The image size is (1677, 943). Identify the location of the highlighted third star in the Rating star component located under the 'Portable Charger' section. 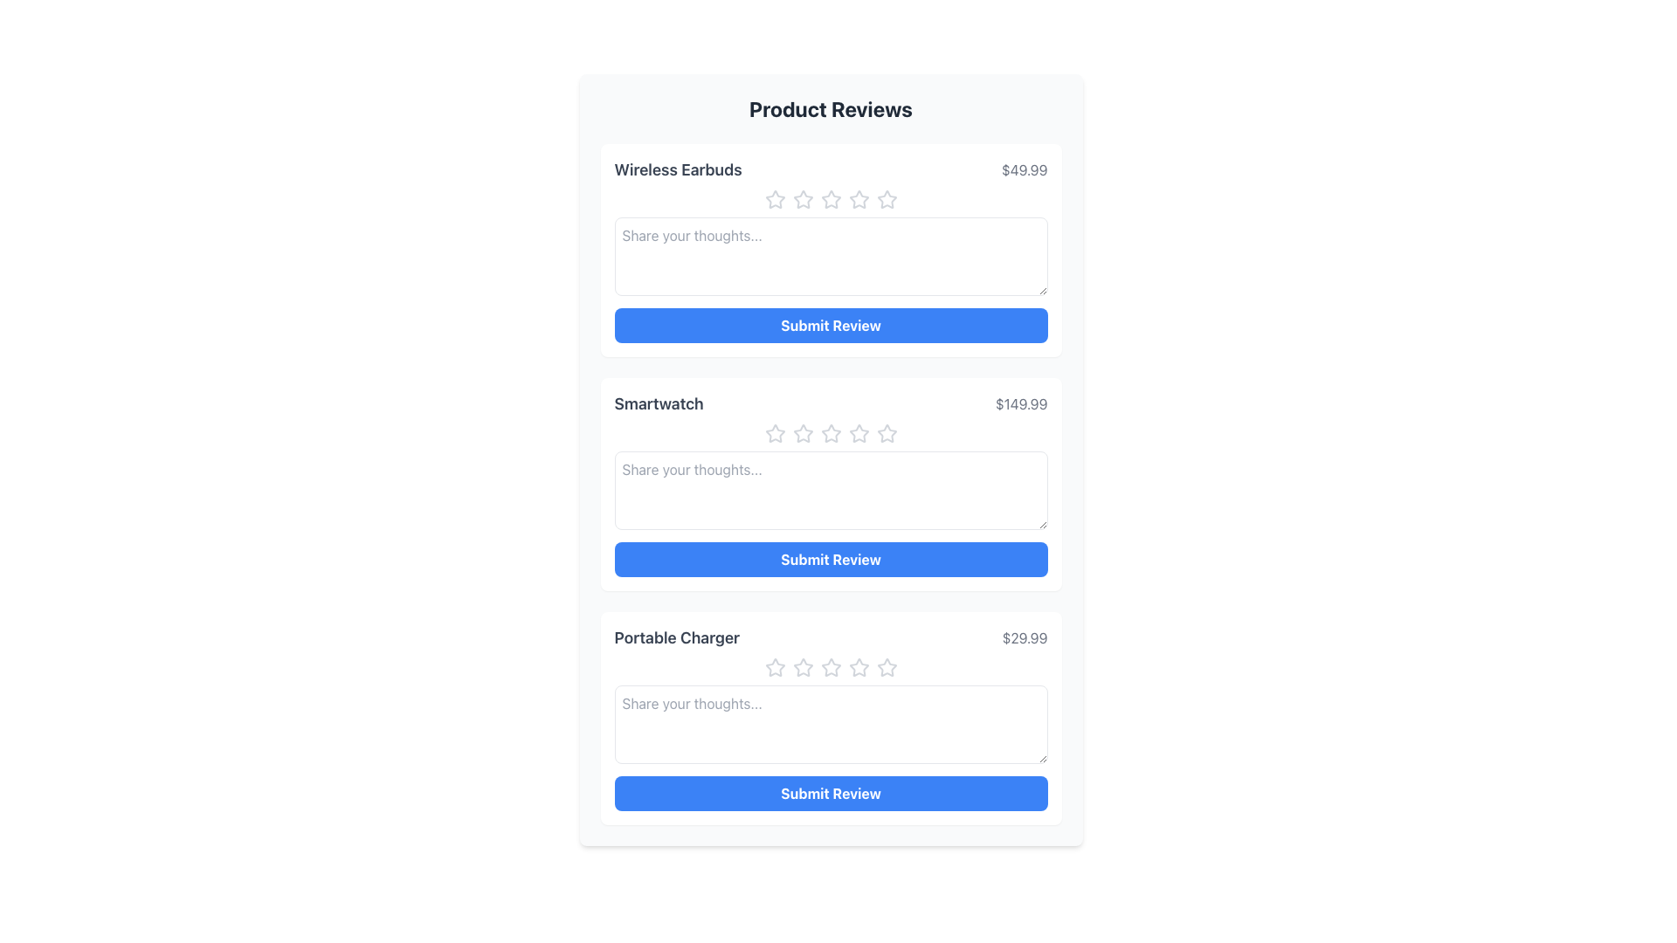
(830, 667).